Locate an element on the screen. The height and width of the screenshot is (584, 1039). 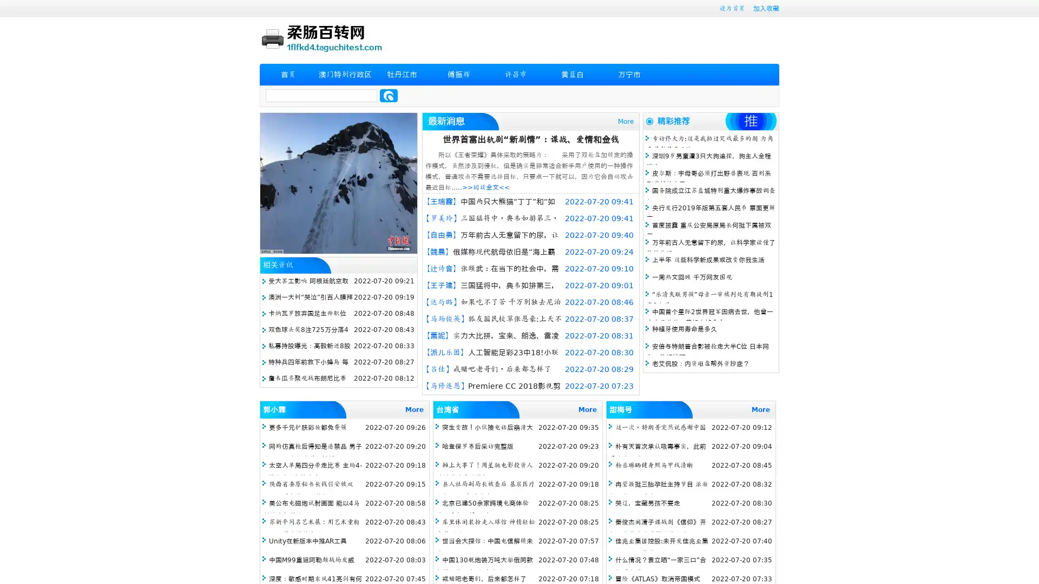
Search is located at coordinates (389, 95).